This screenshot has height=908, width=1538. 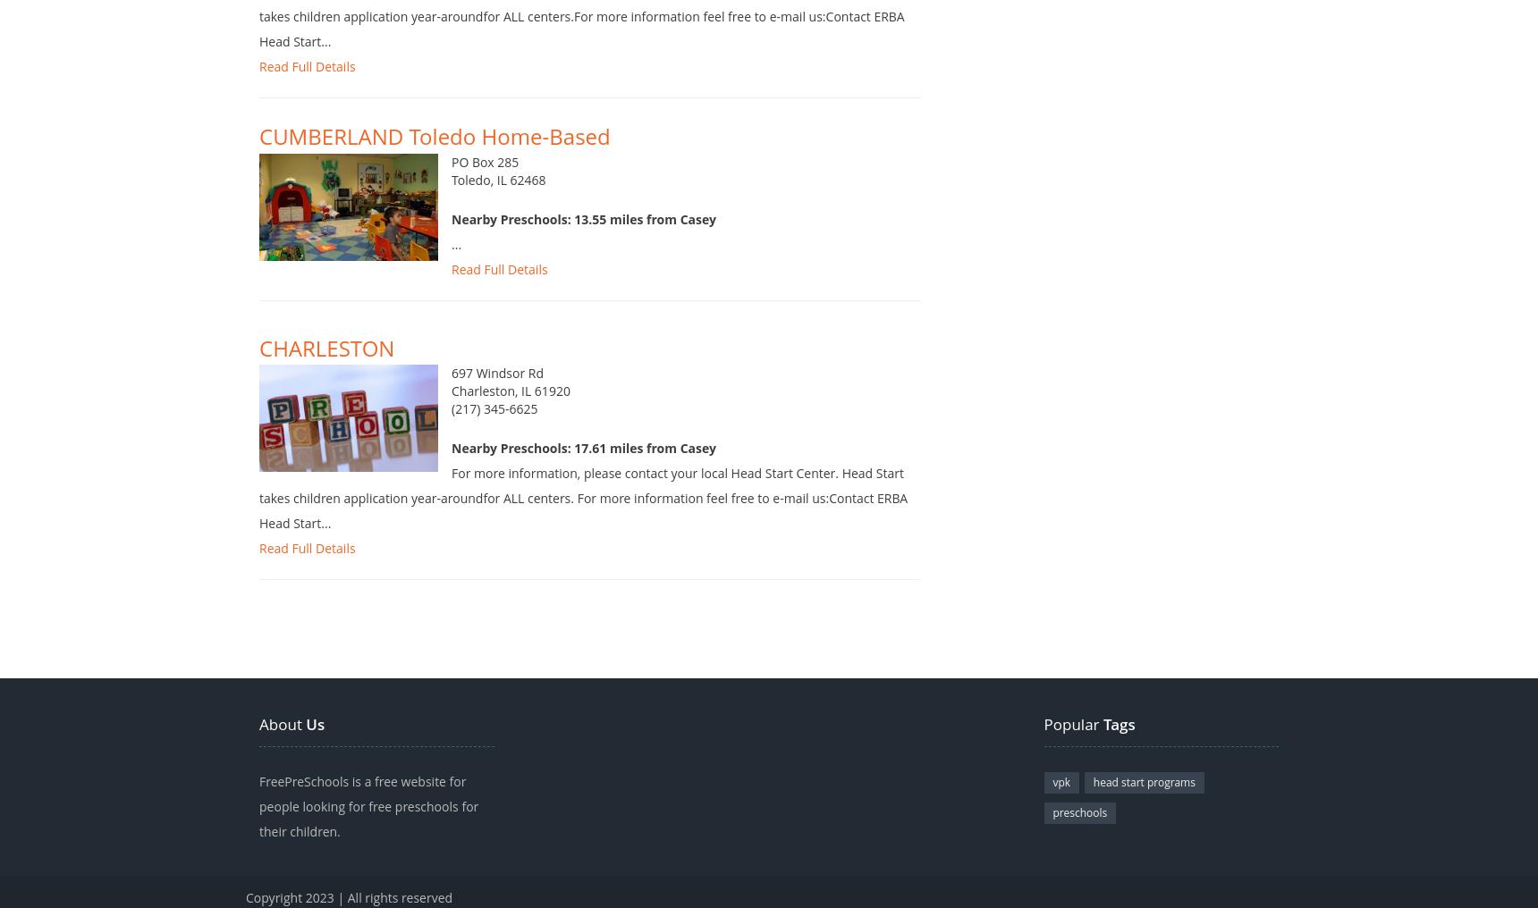 I want to click on 'PO Box 285', so click(x=485, y=181).